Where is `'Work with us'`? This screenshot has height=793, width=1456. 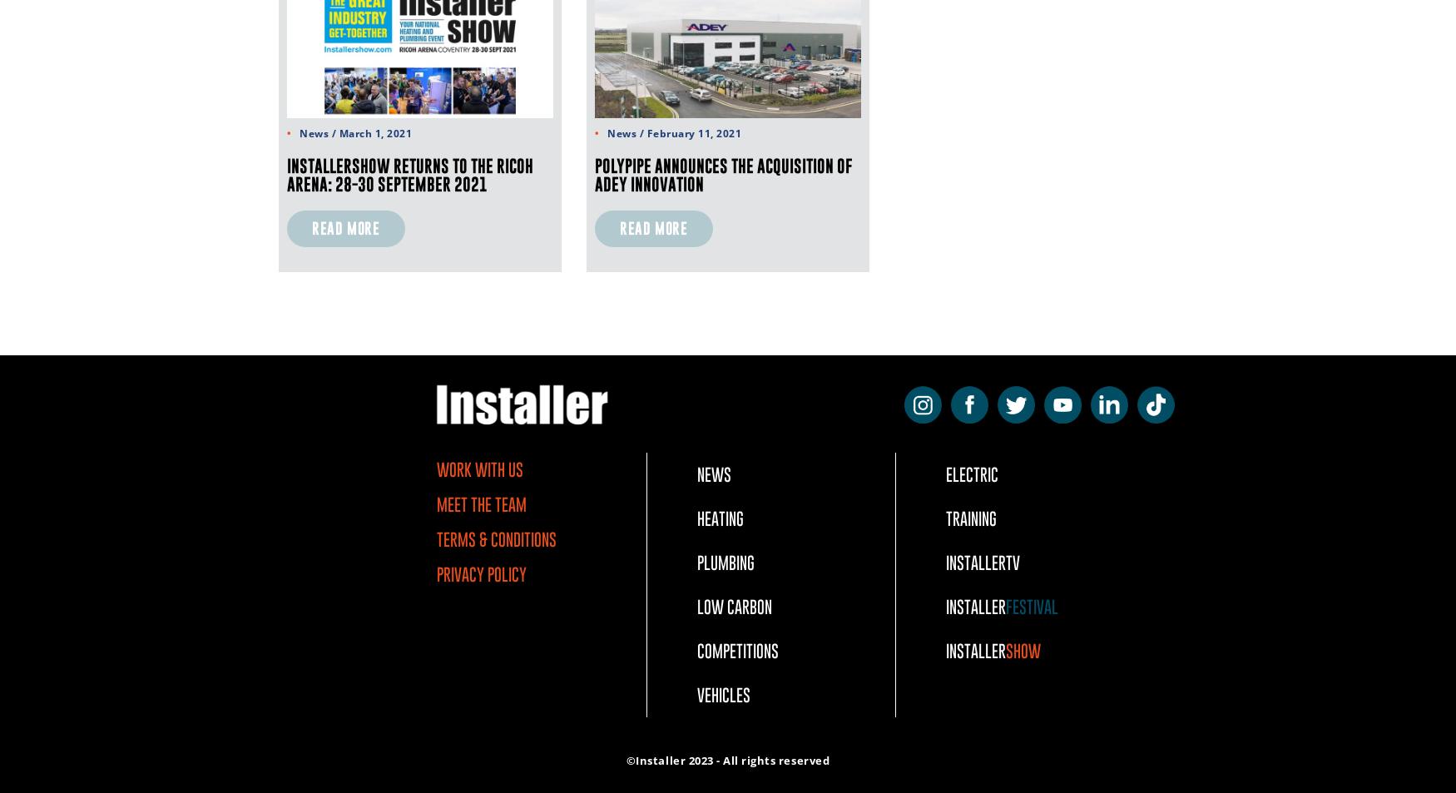
'Work with us' is located at coordinates (479, 469).